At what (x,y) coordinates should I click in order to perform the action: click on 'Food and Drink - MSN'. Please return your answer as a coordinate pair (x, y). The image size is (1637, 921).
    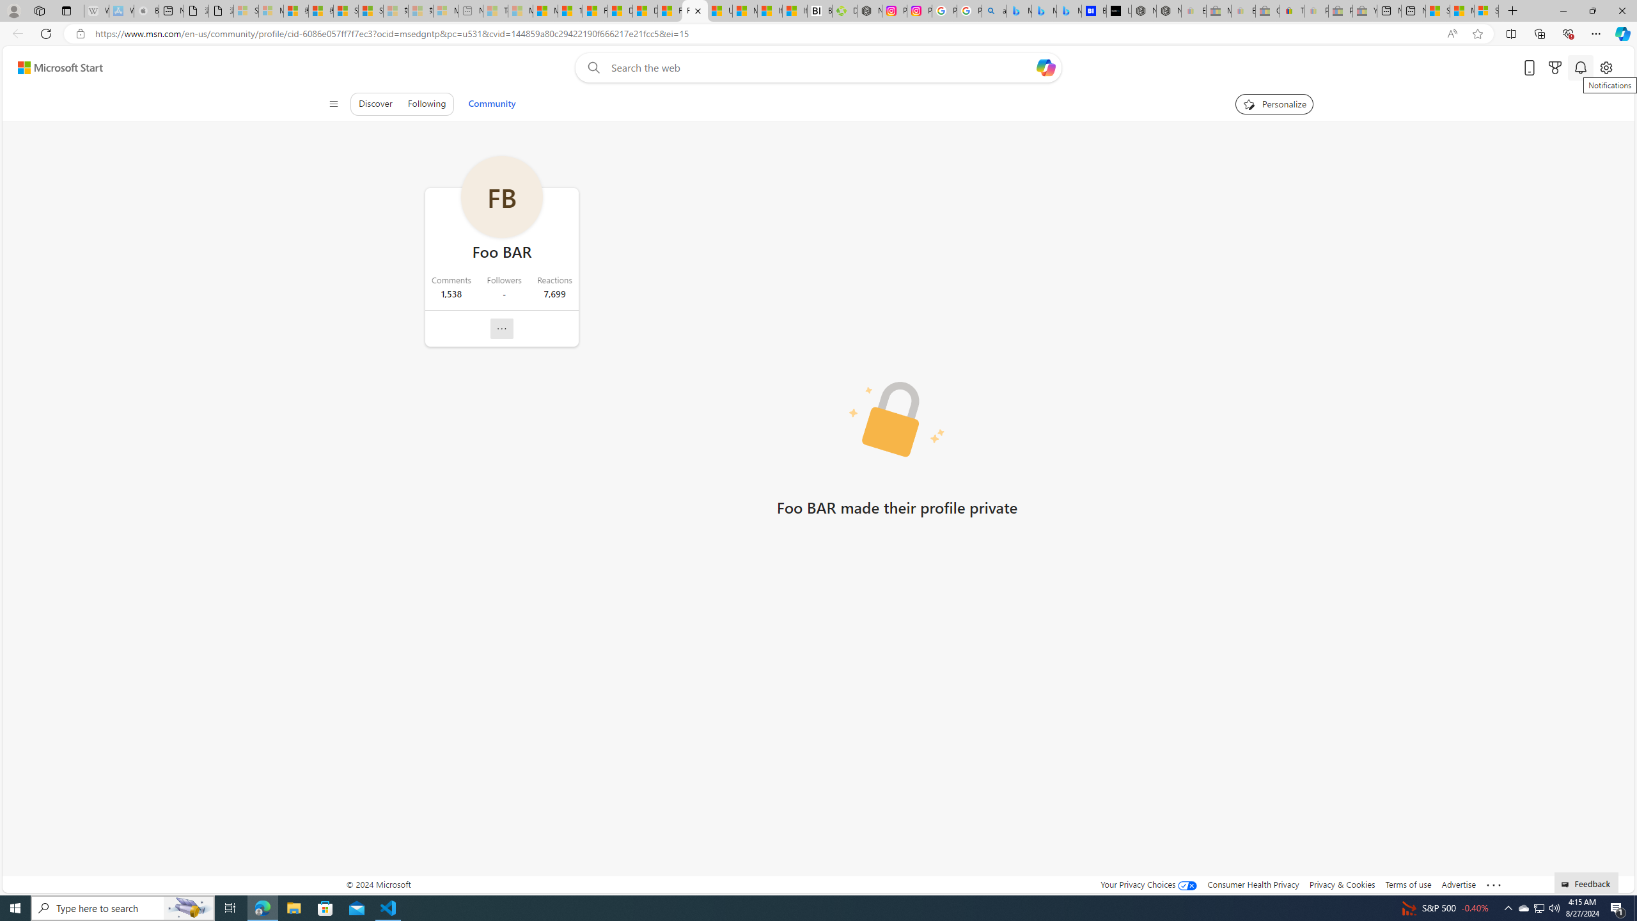
    Looking at the image, I should click on (595, 10).